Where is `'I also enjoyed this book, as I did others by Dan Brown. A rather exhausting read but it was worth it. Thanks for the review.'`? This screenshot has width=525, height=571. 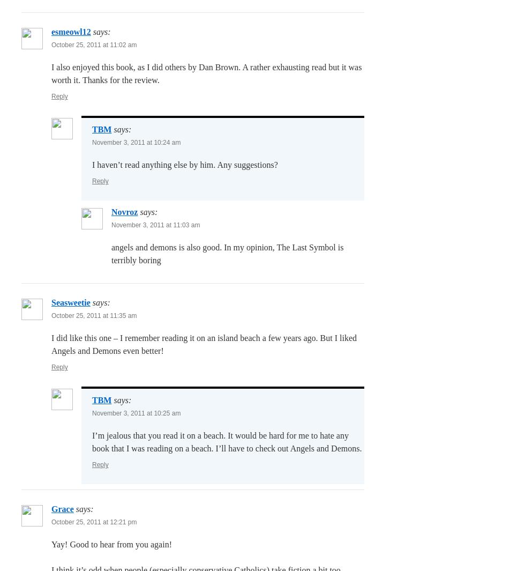 'I also enjoyed this book, as I did others by Dan Brown. A rather exhausting read but it was worth it. Thanks for the review.' is located at coordinates (206, 73).